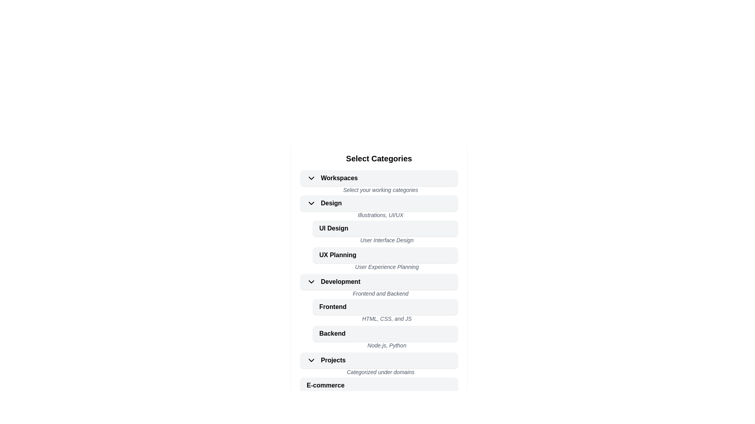  What do you see at coordinates (326, 360) in the screenshot?
I see `the interactive 'Projects' label with icon` at bounding box center [326, 360].